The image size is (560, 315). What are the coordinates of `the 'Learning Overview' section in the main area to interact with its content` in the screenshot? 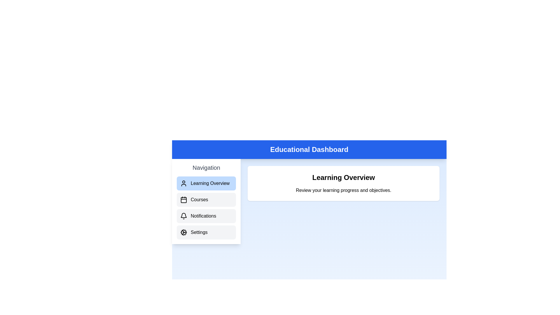 It's located at (343, 183).